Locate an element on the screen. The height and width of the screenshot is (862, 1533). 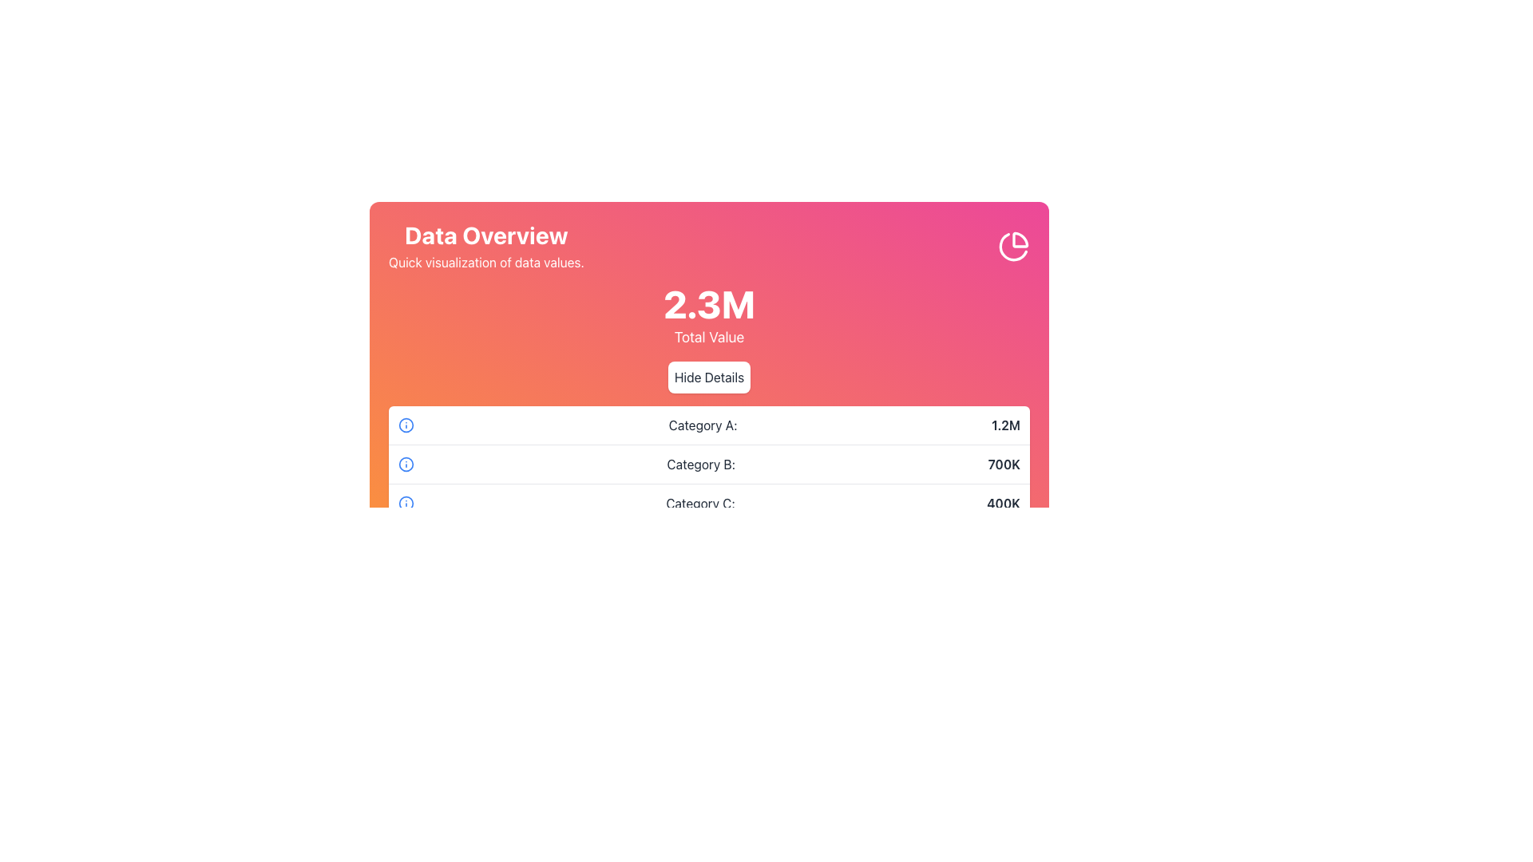
the blue circular information icon located to the left of the 'Category A: 1.2M' label, the first in a vertical sequence of similar icons is located at coordinates (406, 424).